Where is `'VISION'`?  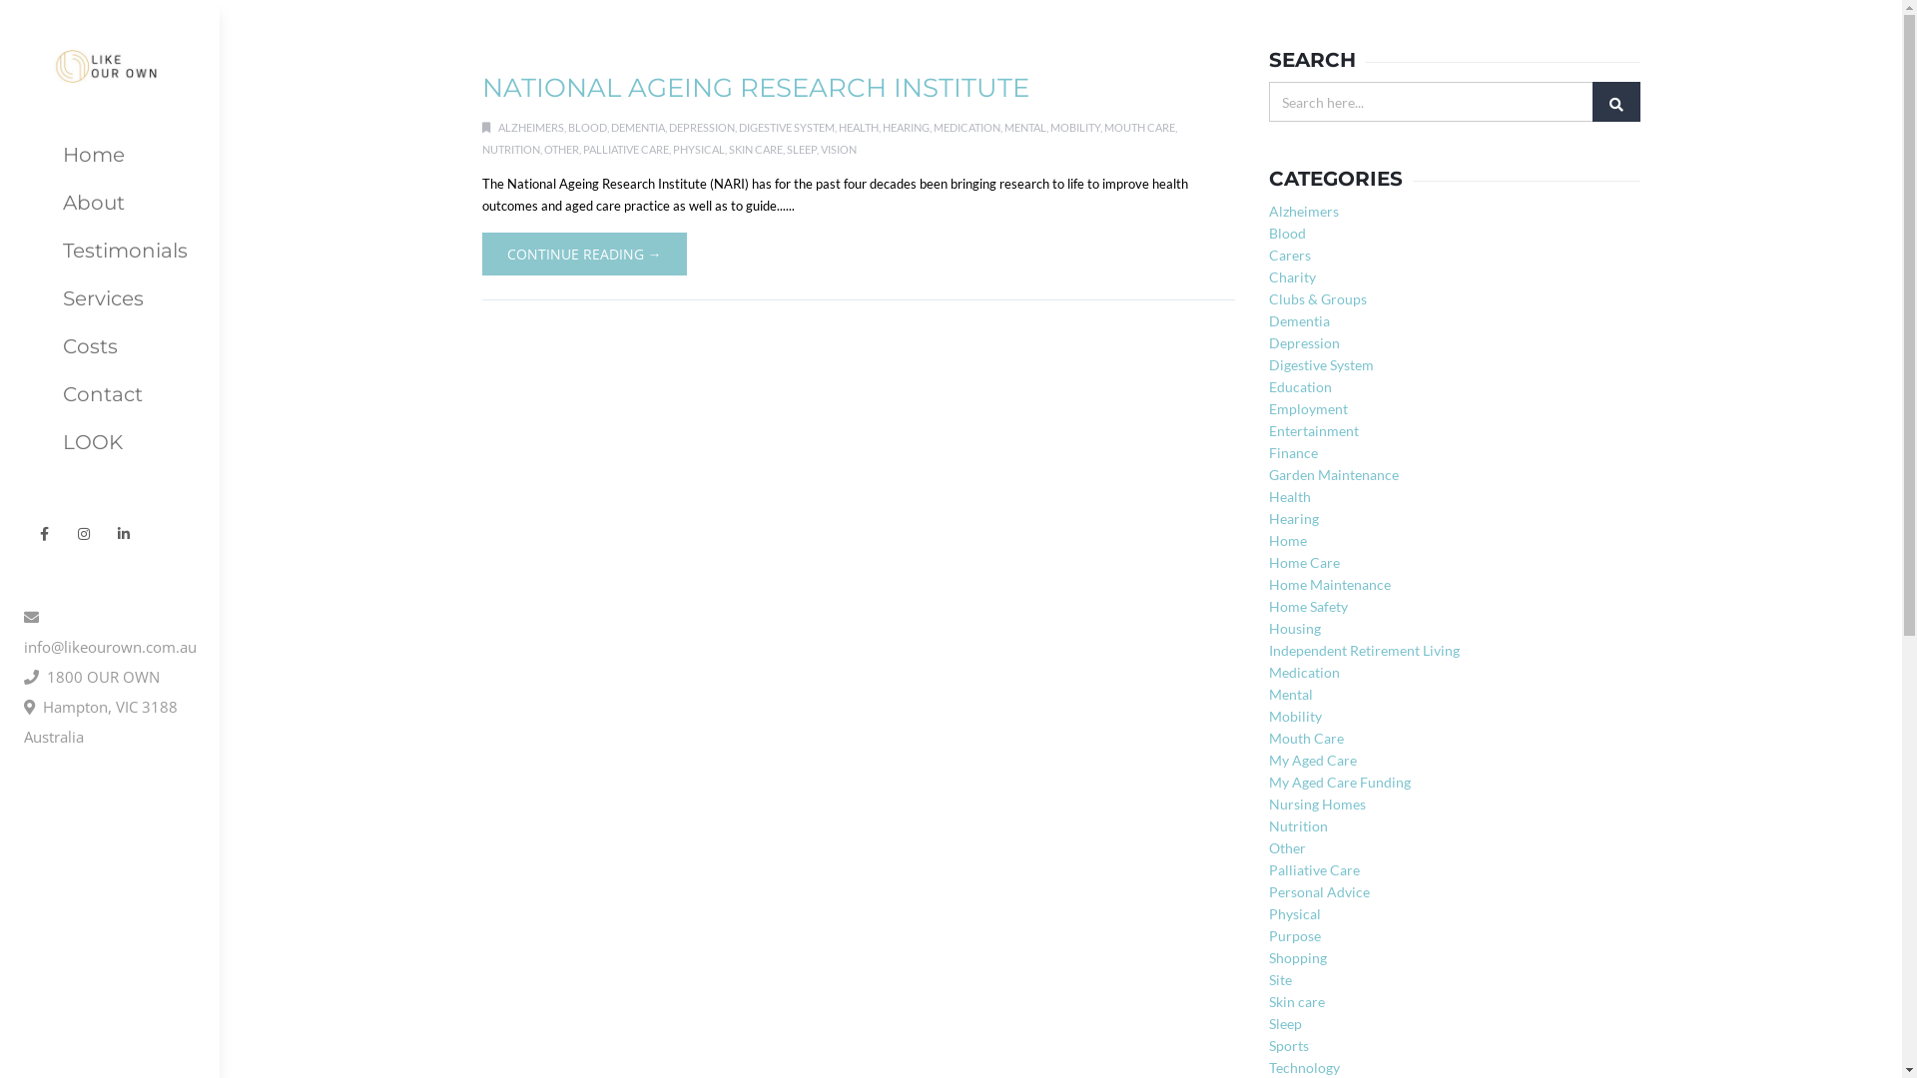
'VISION' is located at coordinates (839, 147).